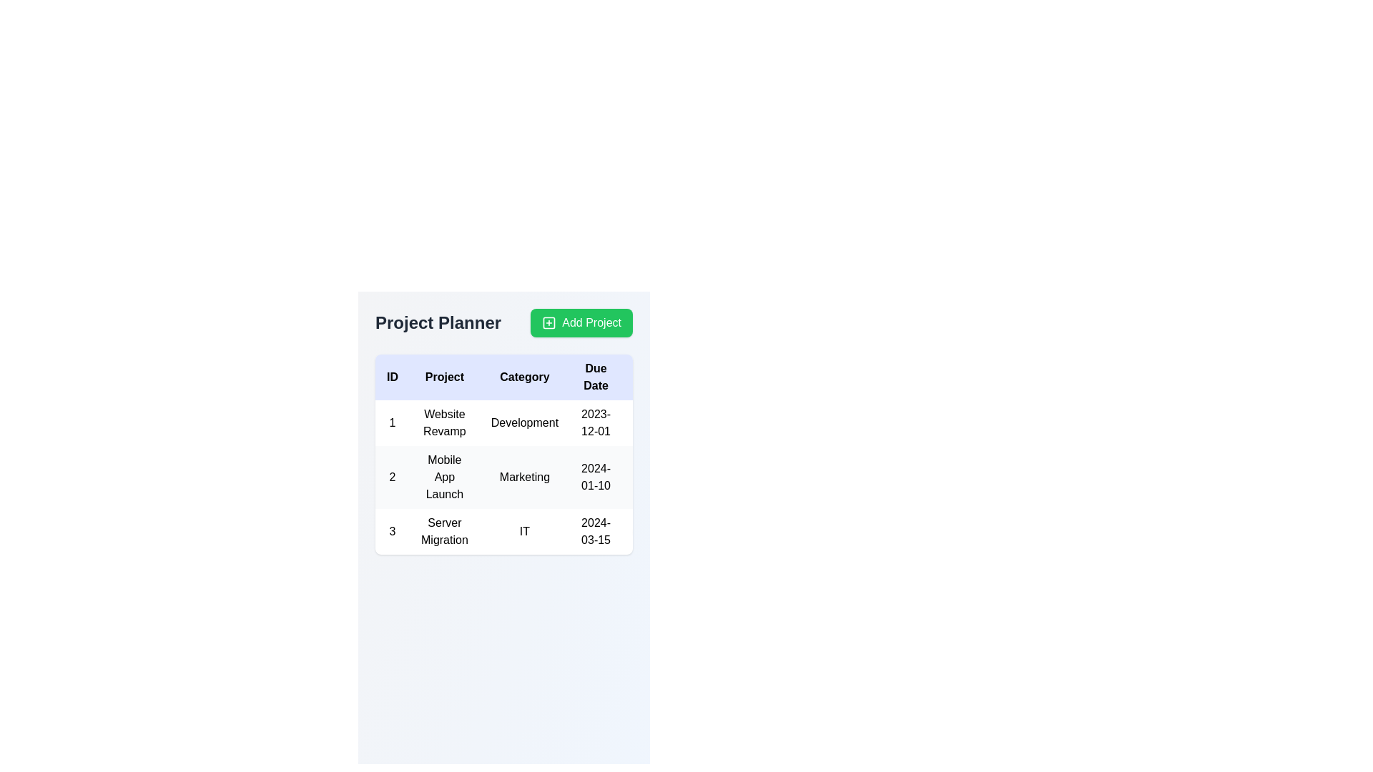 Image resolution: width=1373 pixels, height=772 pixels. I want to click on the text label indicating the due date of the associated project in the second row of the table under the header 'Due Date', so click(596, 477).